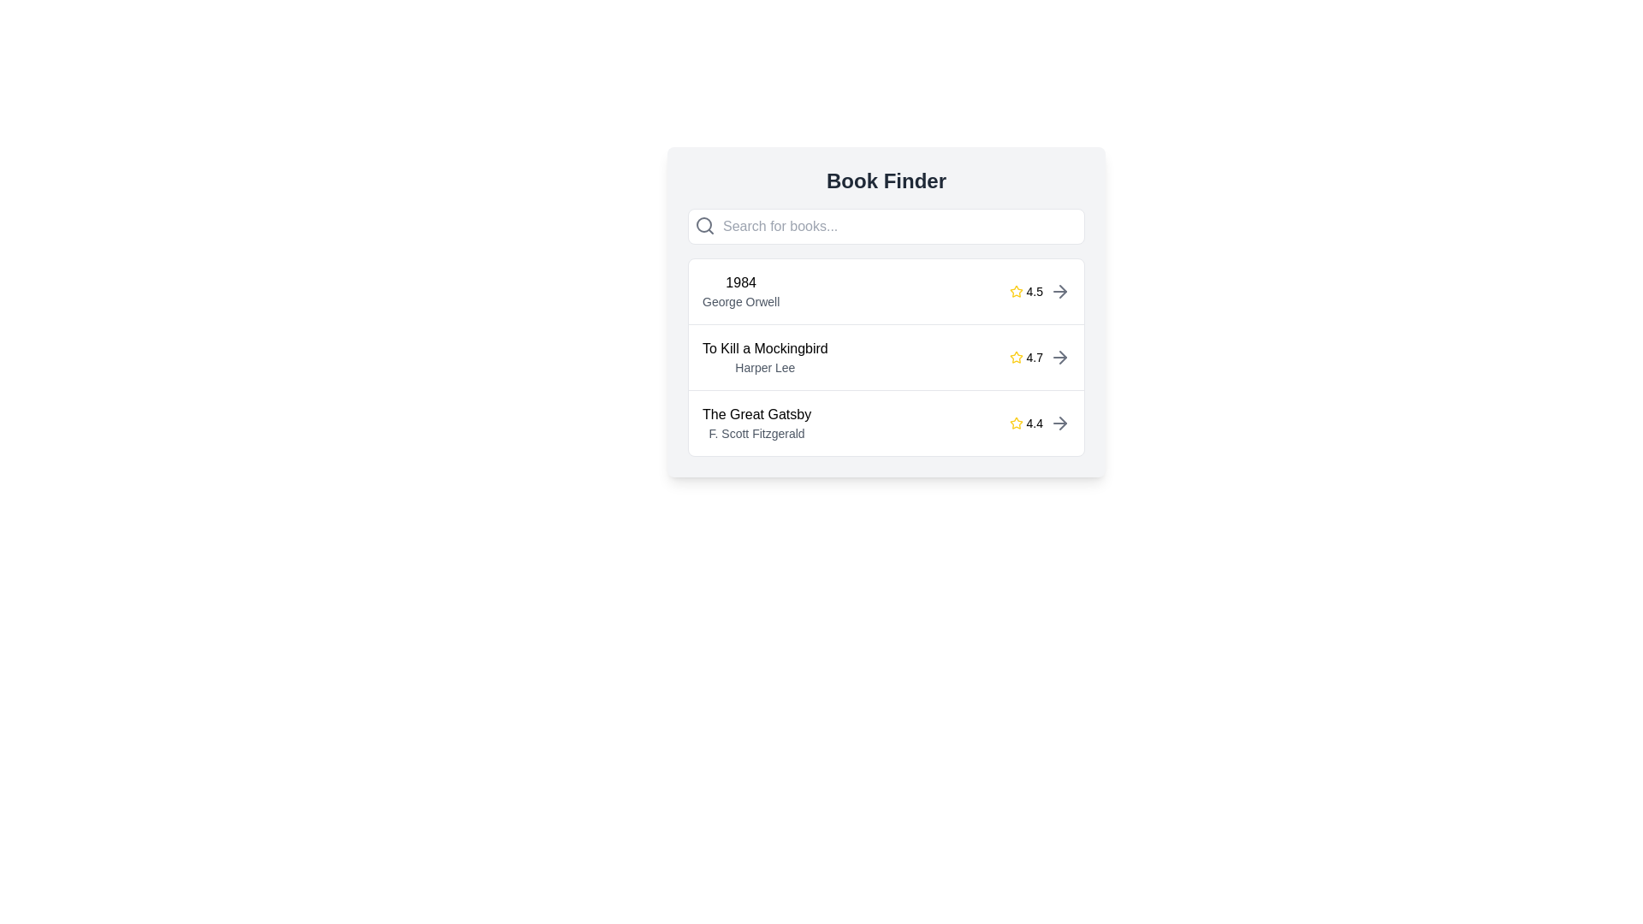 Image resolution: width=1643 pixels, height=924 pixels. Describe the element at coordinates (764, 348) in the screenshot. I see `the bold text label displaying the book title 'To Kill a Mockingbird' within the second row of the list under the 'Book Finder' heading` at that location.